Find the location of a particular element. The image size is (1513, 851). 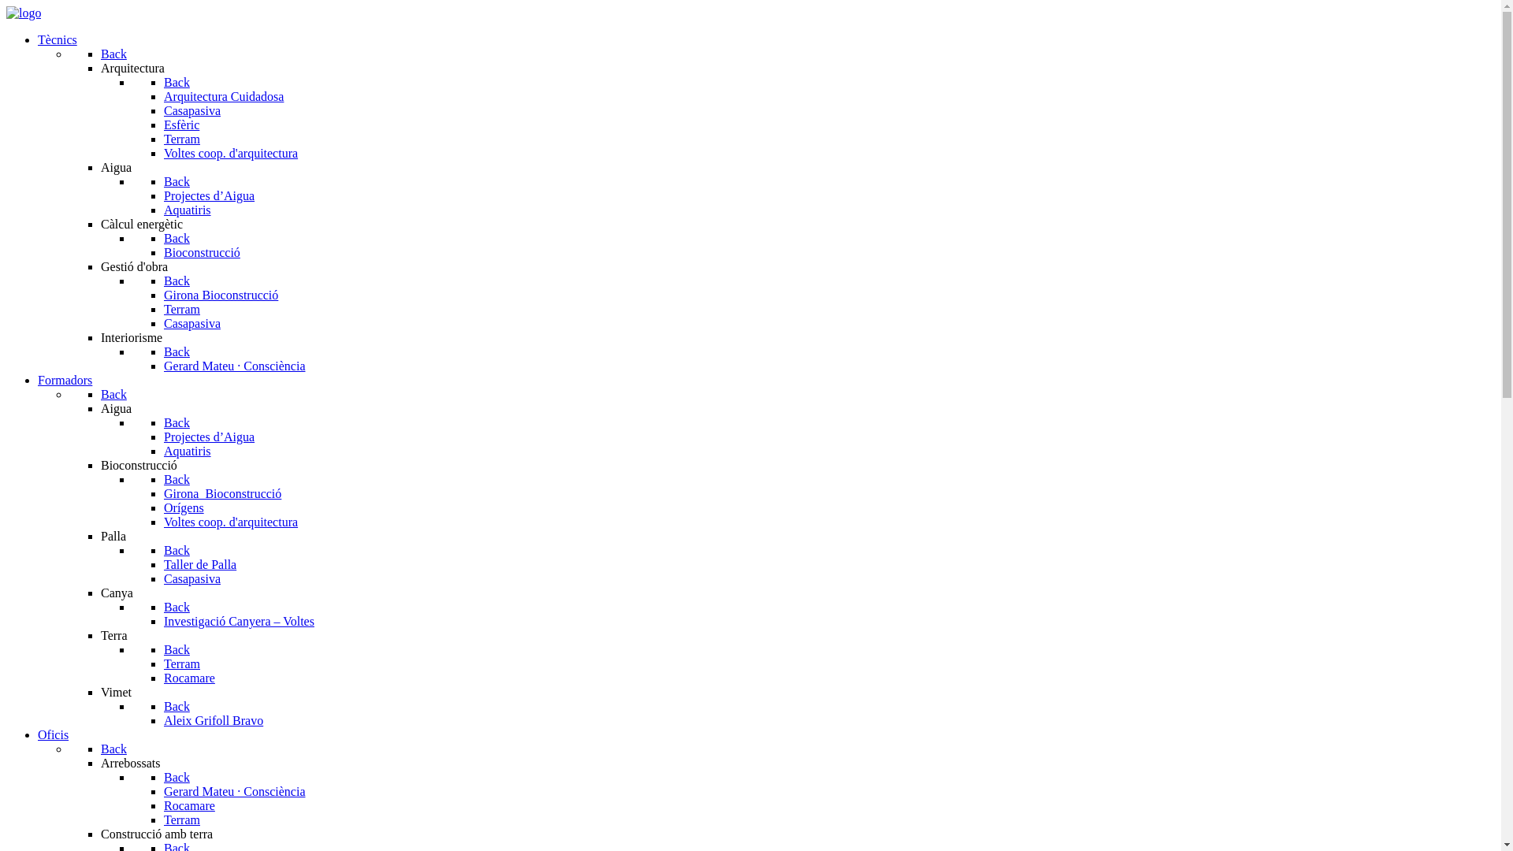

'Rocamare' is located at coordinates (189, 805).